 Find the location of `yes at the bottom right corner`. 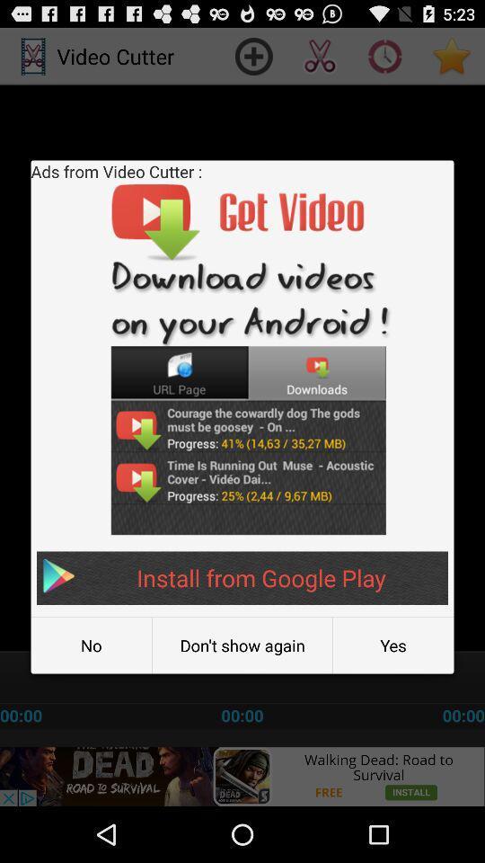

yes at the bottom right corner is located at coordinates (392, 645).